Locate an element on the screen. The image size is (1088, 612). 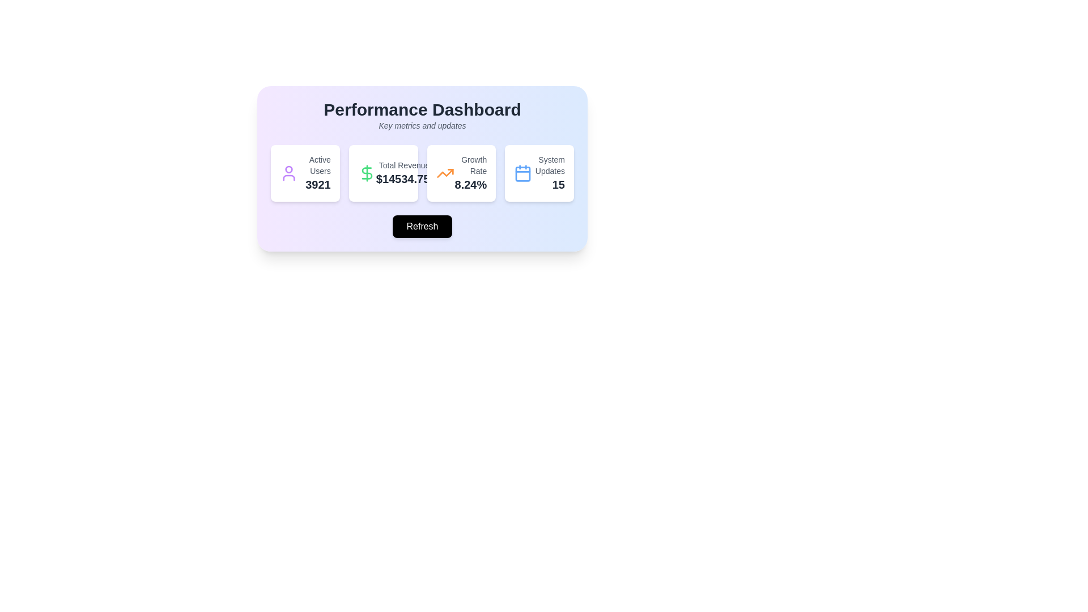
the text display element that shows the summary or count of available system updates, located on the far right of a horizontal row of components, next to a blue calendar icon is located at coordinates (549, 173).